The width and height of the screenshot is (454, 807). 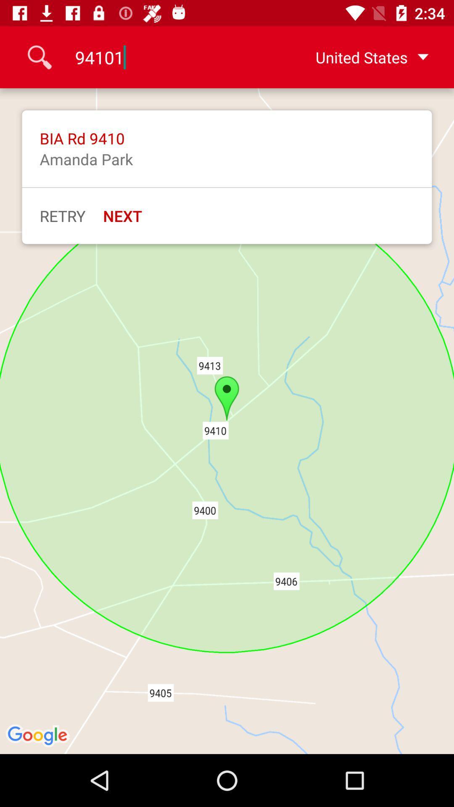 What do you see at coordinates (122, 216) in the screenshot?
I see `the next item` at bounding box center [122, 216].